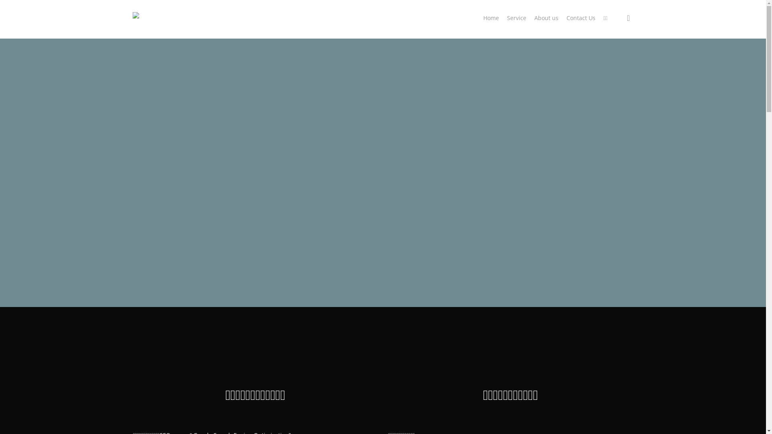  I want to click on 'Service', so click(517, 18).